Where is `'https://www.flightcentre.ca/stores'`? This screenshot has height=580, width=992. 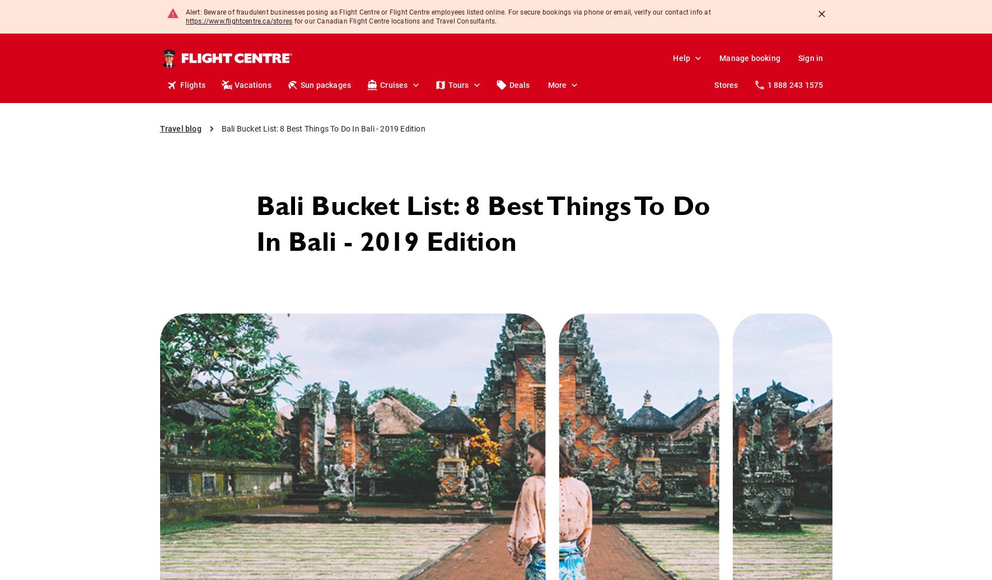
'https://www.flightcentre.ca/stores' is located at coordinates (185, 21).